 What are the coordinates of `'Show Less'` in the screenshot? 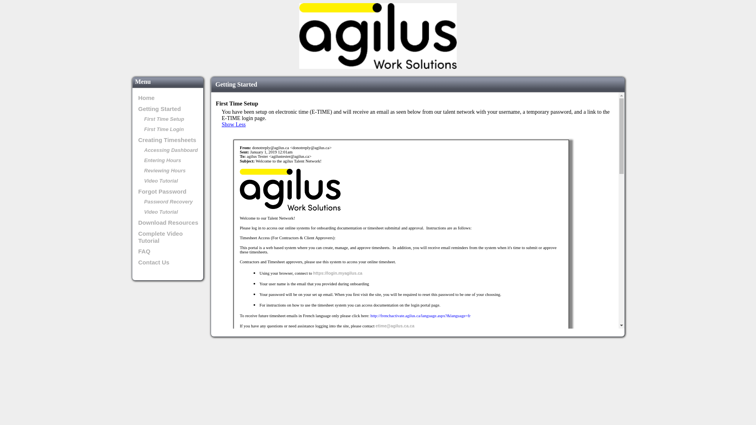 It's located at (221, 124).